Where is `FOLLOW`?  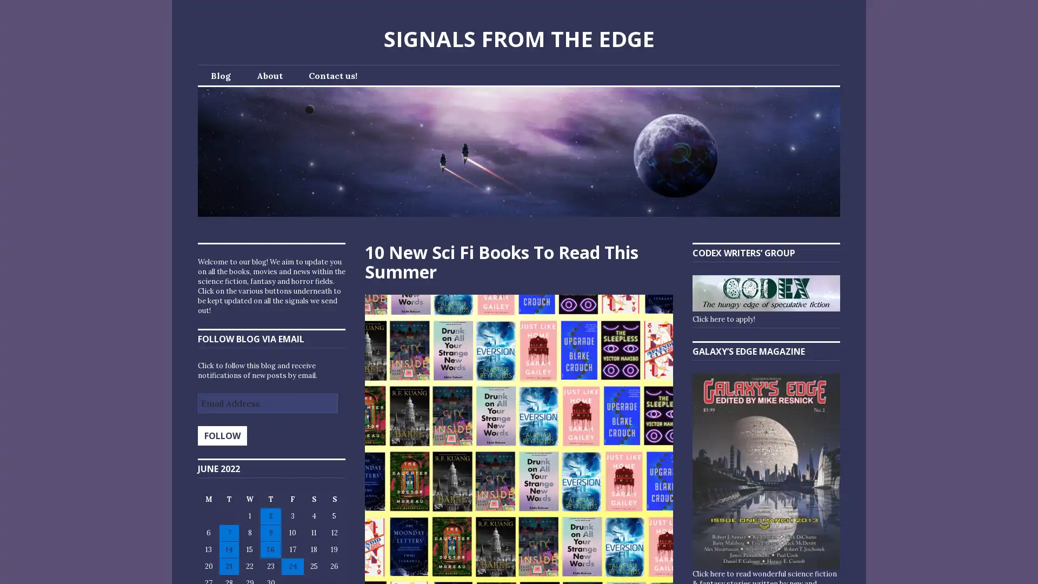 FOLLOW is located at coordinates (222, 435).